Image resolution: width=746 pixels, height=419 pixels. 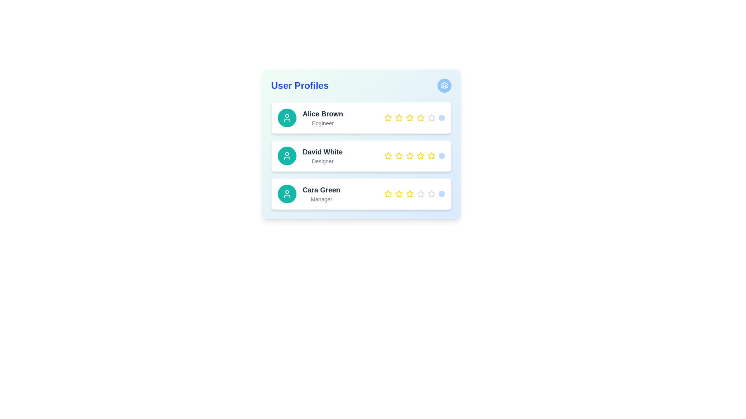 I want to click on the rating representation by interacting with the first star icon in the rating system for the 'Cara Green - Manager' user profile, located in the third user card from the top, so click(x=388, y=194).